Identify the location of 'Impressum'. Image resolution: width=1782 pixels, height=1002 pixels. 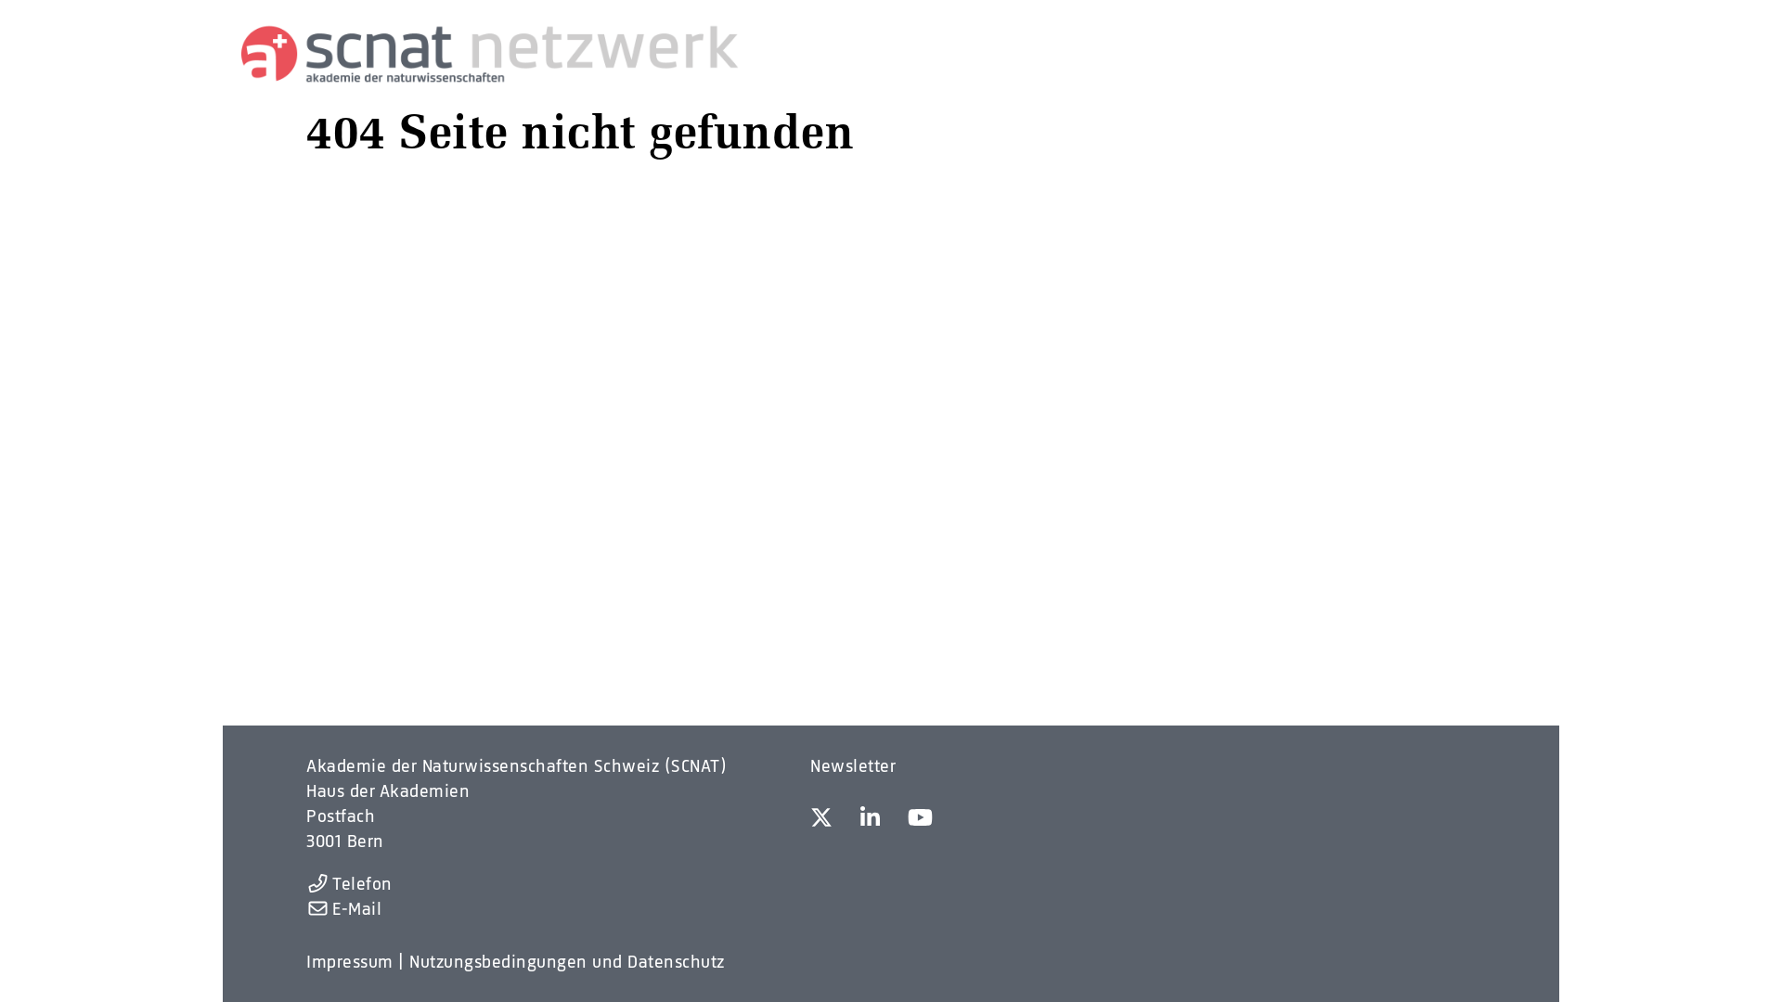
(350, 960).